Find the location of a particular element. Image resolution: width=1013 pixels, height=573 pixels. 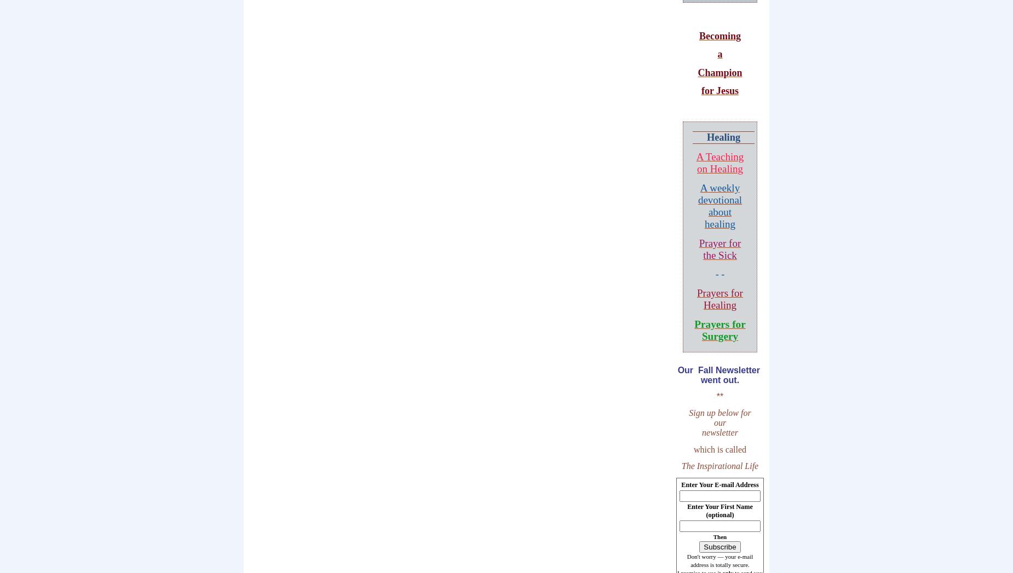

'Sign up below for' is located at coordinates (719, 413).